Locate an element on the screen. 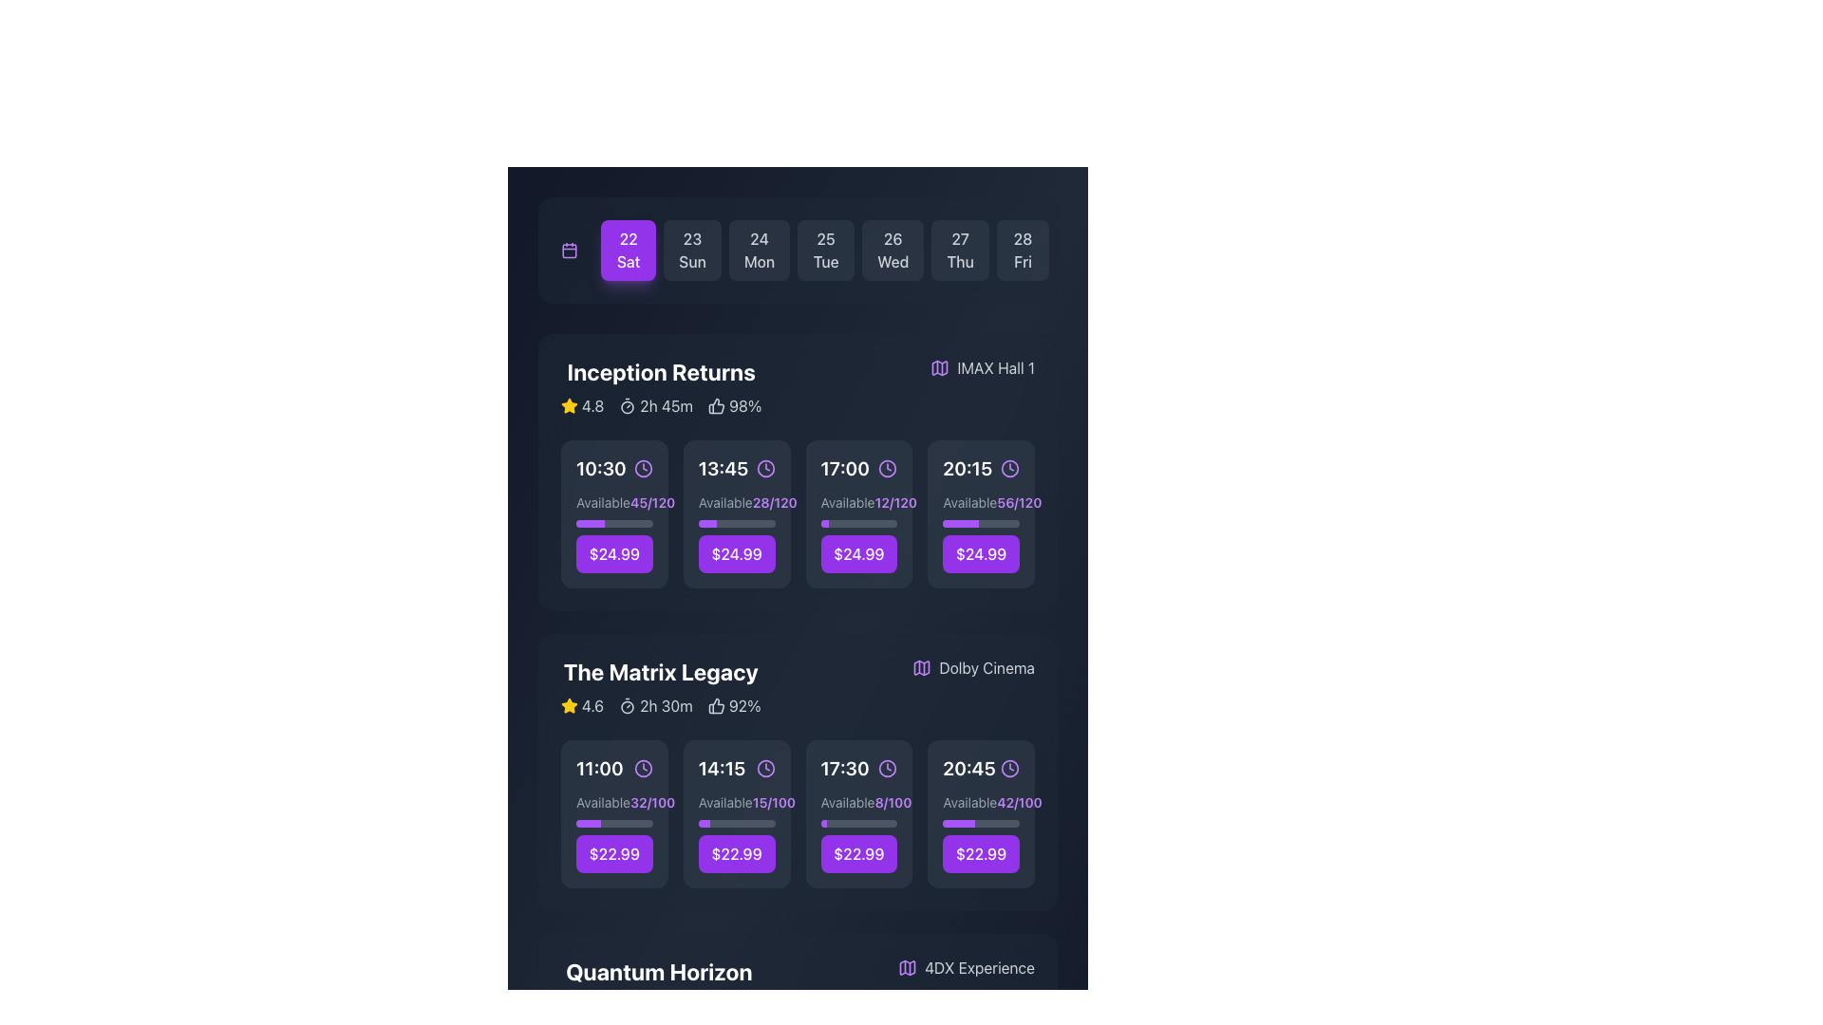 This screenshot has height=1025, width=1823. the actionable button for selecting seats for a specific movie showing is located at coordinates (614, 514).